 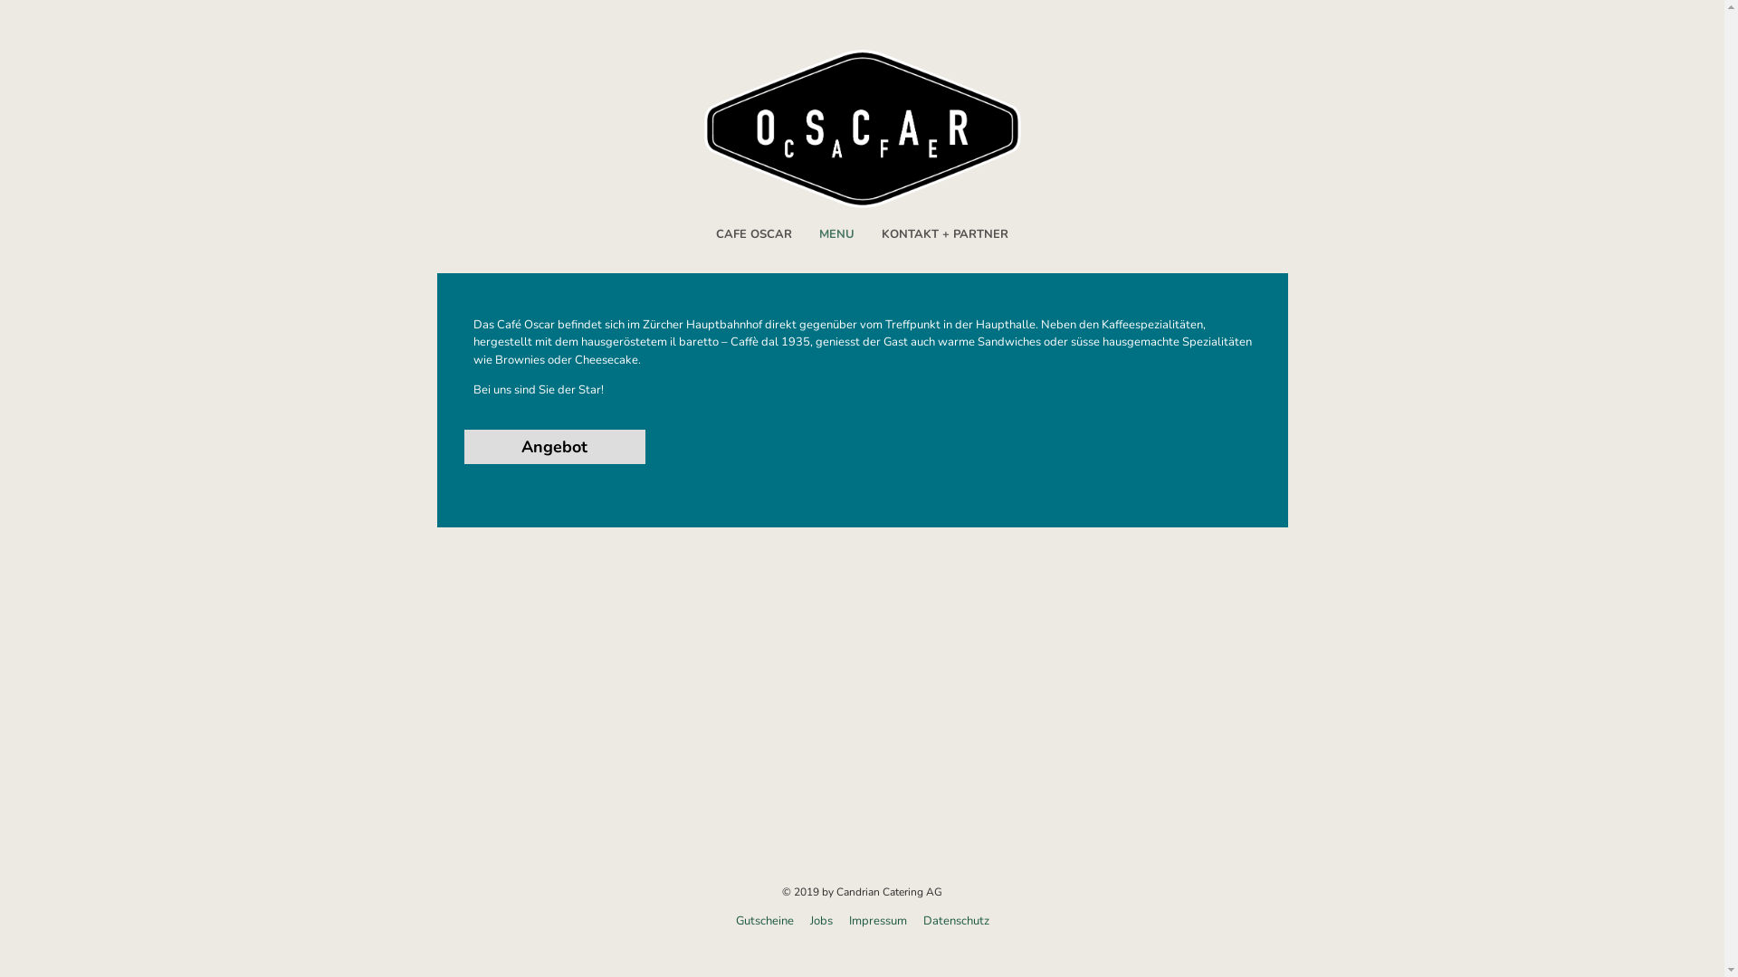 What do you see at coordinates (867, 233) in the screenshot?
I see `'KONTAKT + PARTNER'` at bounding box center [867, 233].